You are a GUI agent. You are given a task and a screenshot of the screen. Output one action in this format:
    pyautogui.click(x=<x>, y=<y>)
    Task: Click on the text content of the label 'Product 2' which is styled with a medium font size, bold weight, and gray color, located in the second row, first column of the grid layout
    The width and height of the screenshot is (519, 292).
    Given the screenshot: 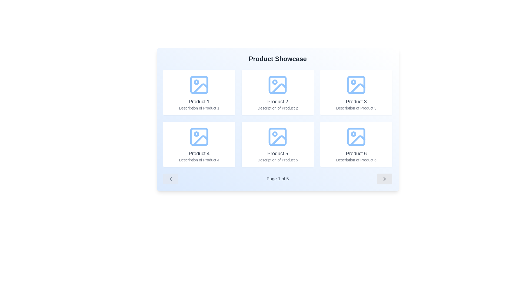 What is the action you would take?
    pyautogui.click(x=278, y=101)
    